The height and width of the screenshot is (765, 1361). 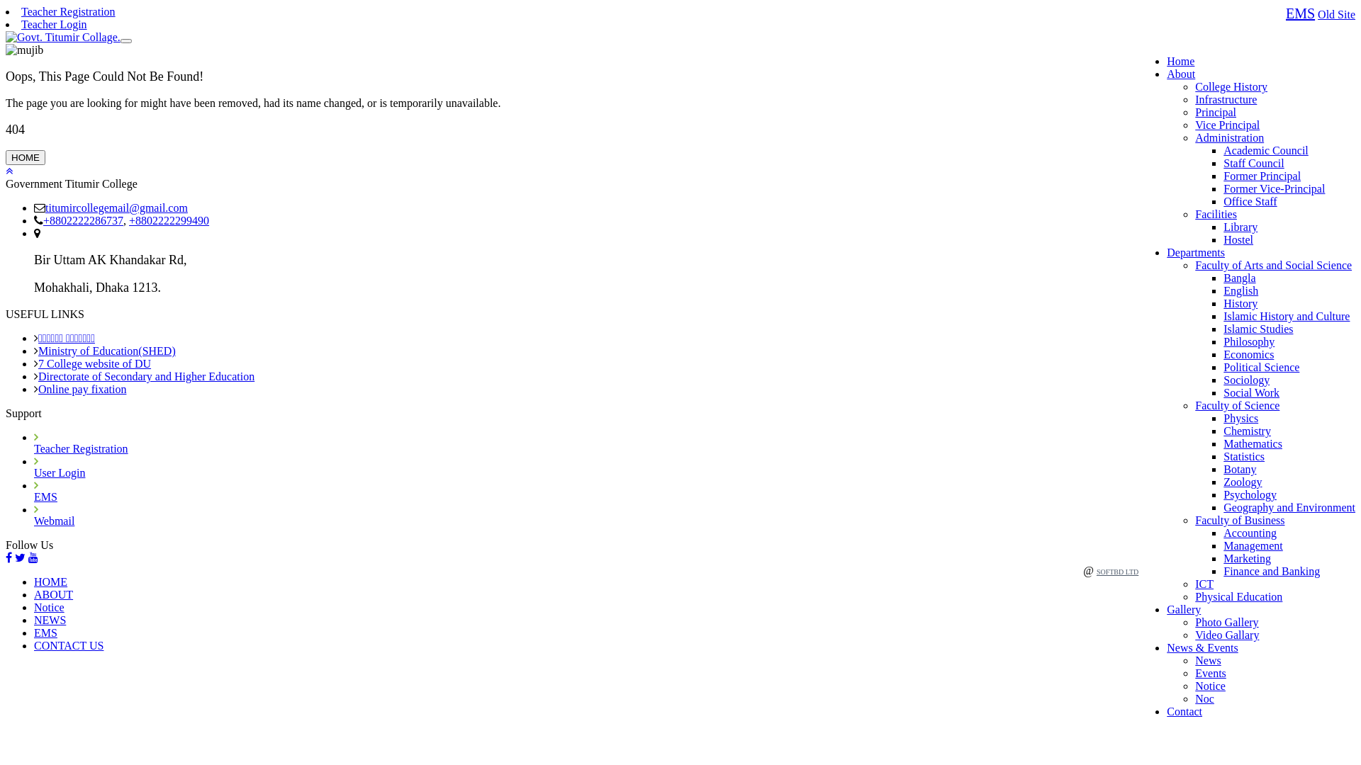 What do you see at coordinates (1251, 392) in the screenshot?
I see `'Social Work'` at bounding box center [1251, 392].